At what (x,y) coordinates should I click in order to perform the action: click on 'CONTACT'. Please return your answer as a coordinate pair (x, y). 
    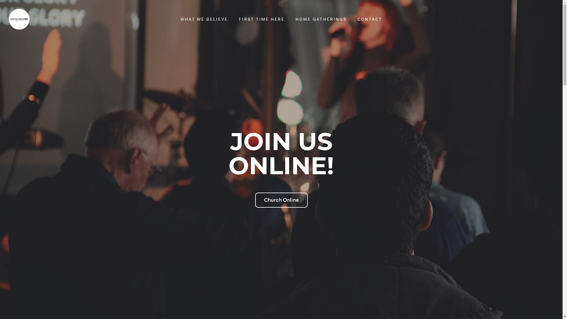
    Looking at the image, I should click on (353, 19).